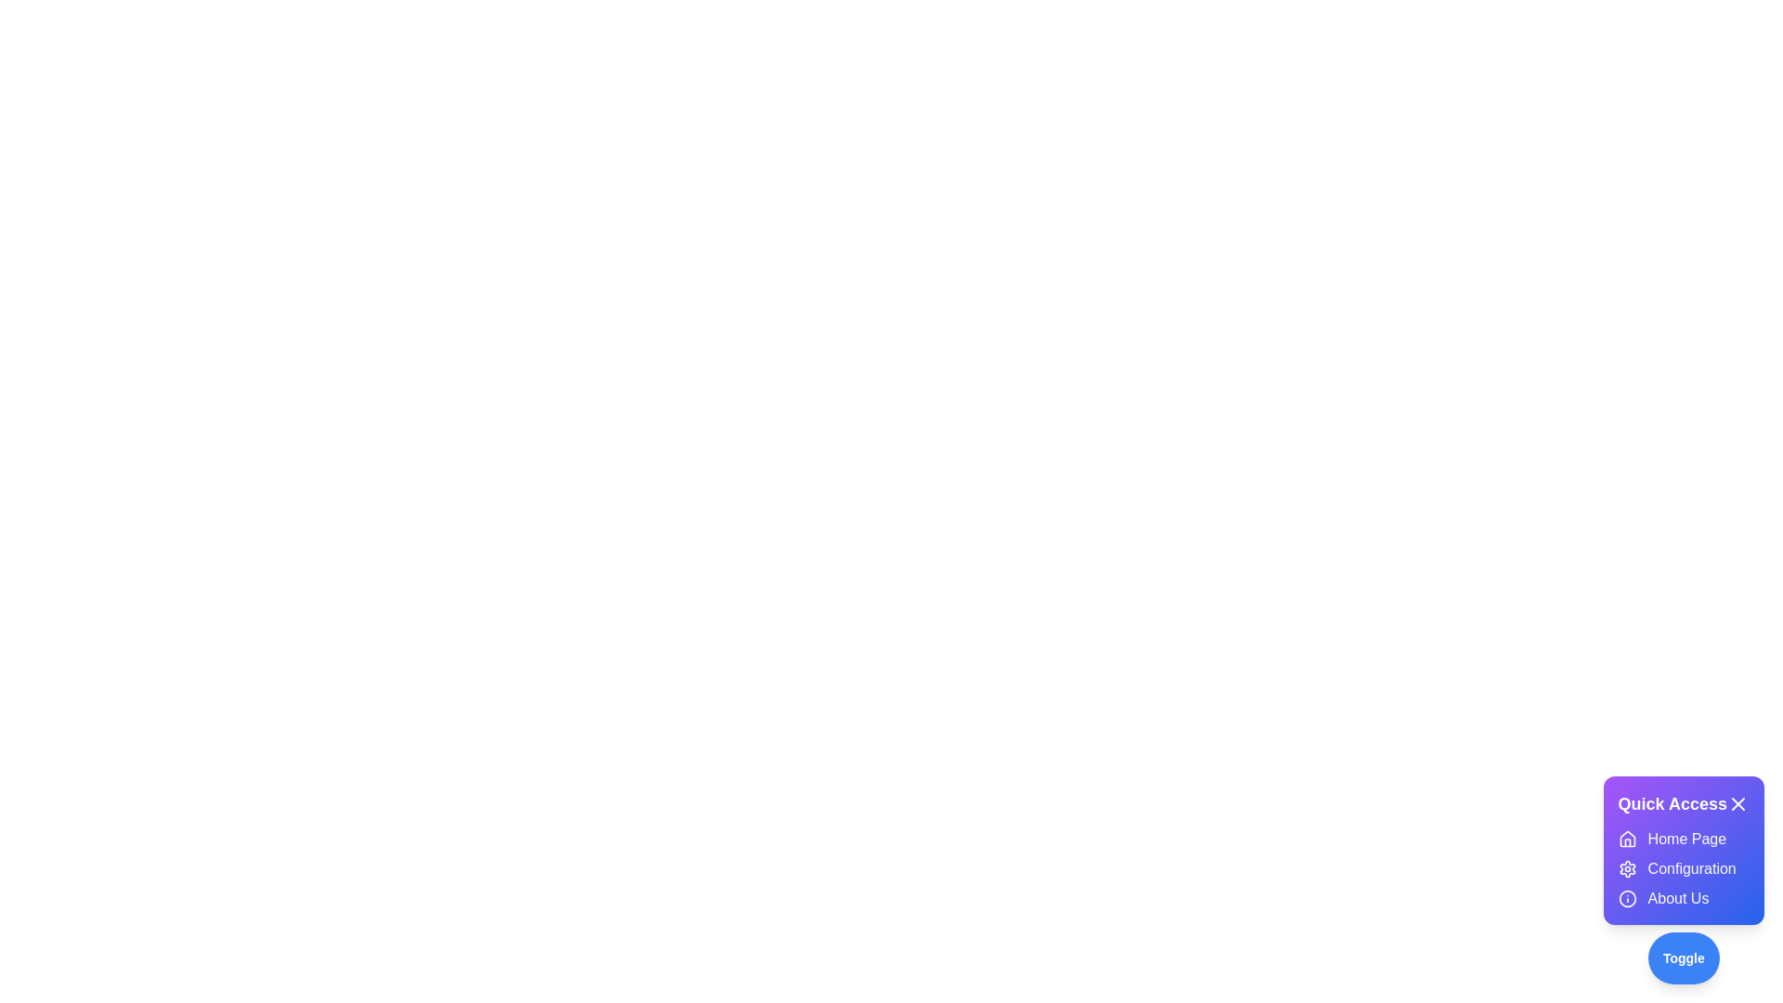 The width and height of the screenshot is (1783, 1003). I want to click on the house-shaped icon located in the 'Quick Access' menu, positioned directly left of the 'Home Page' label, so click(1626, 839).